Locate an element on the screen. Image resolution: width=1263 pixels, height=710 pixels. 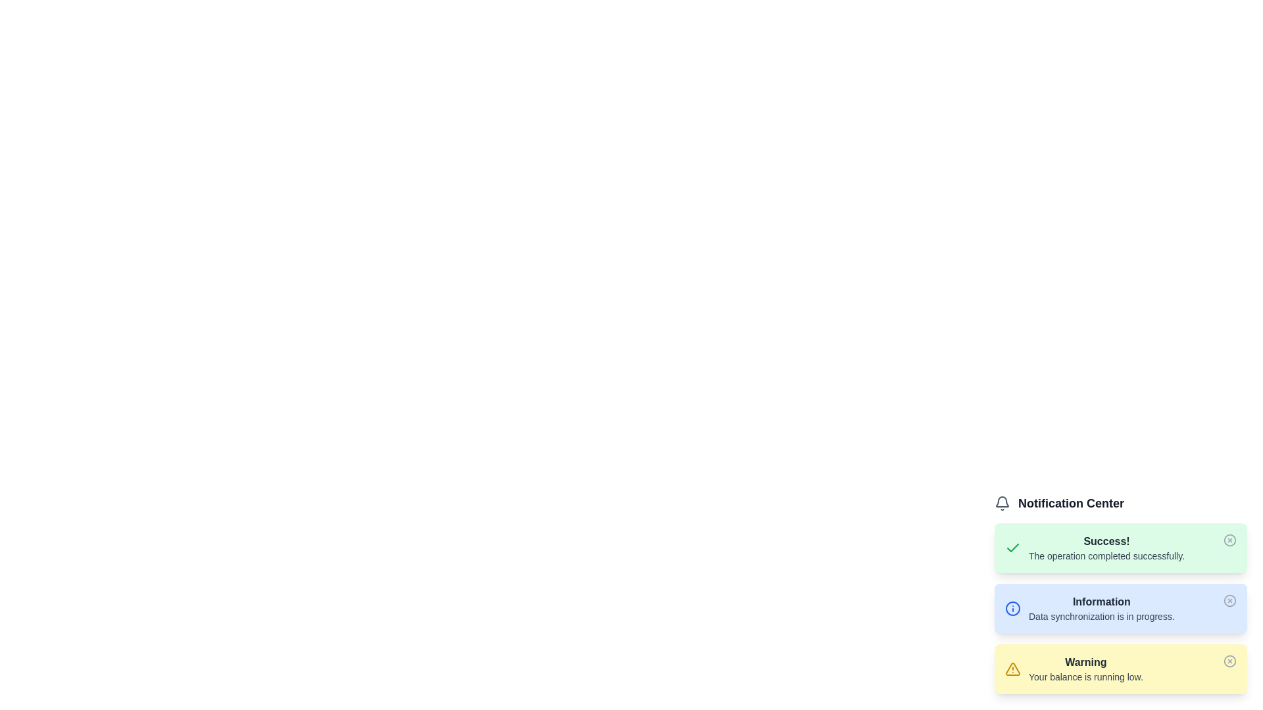
the yellow triangular alert icon with an exclamation point, located to the left of the 'Warning' section in the notification center is located at coordinates (1012, 669).